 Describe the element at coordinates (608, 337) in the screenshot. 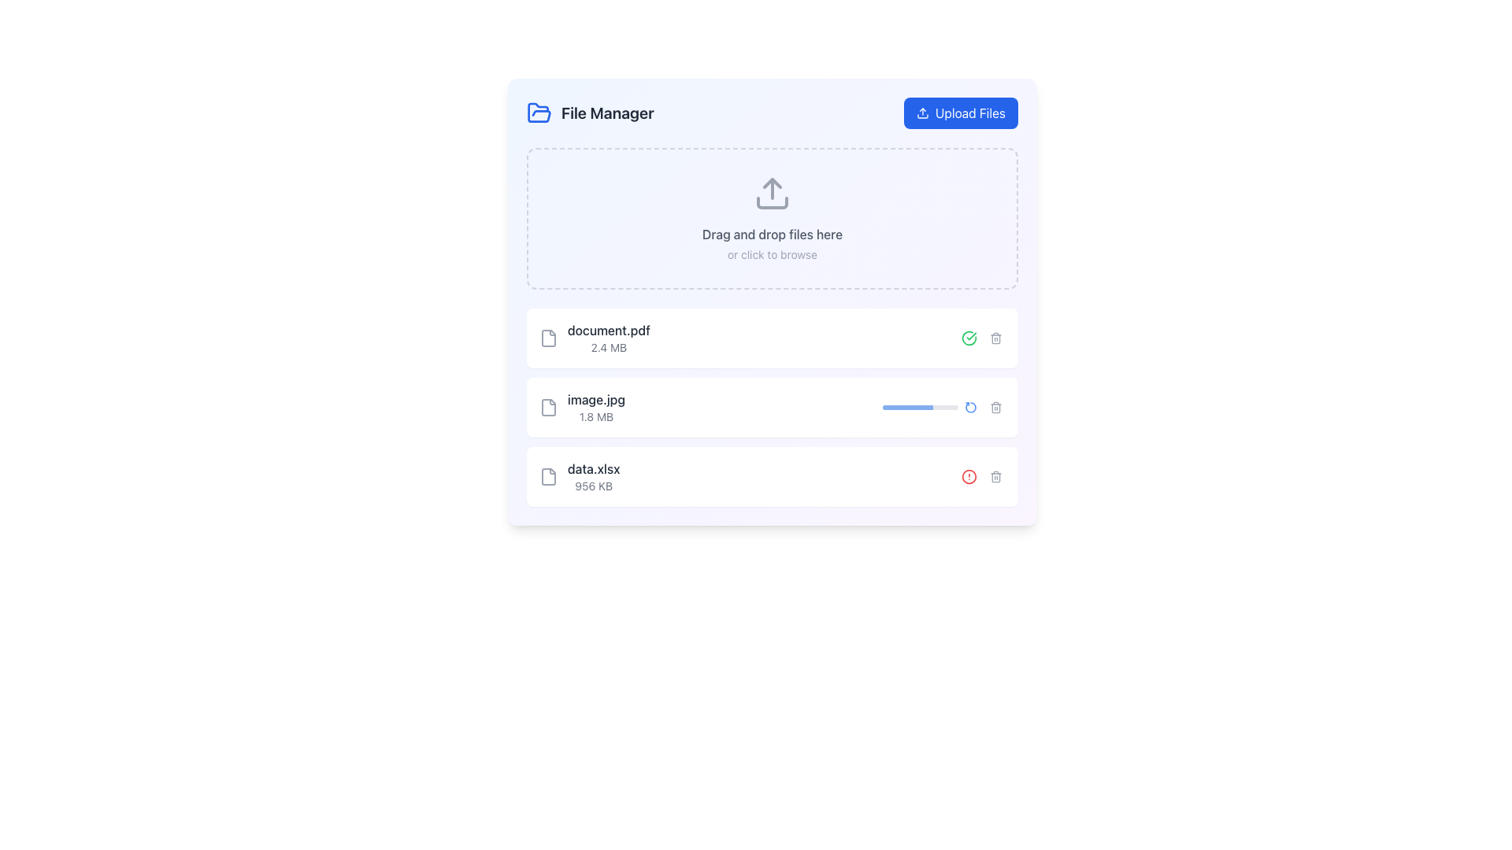

I see `the text label displaying 'document.pdf' in bold dark gray, located` at that location.